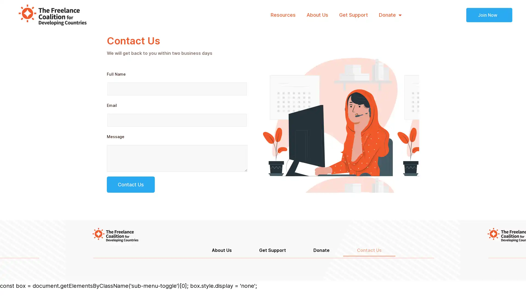 The width and height of the screenshot is (526, 296). I want to click on Join Now, so click(489, 15).